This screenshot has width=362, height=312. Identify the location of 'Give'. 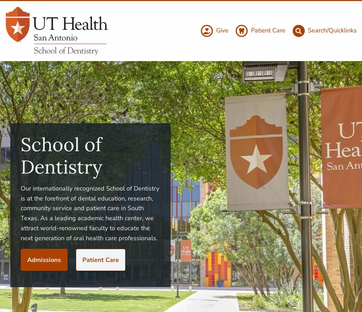
(222, 30).